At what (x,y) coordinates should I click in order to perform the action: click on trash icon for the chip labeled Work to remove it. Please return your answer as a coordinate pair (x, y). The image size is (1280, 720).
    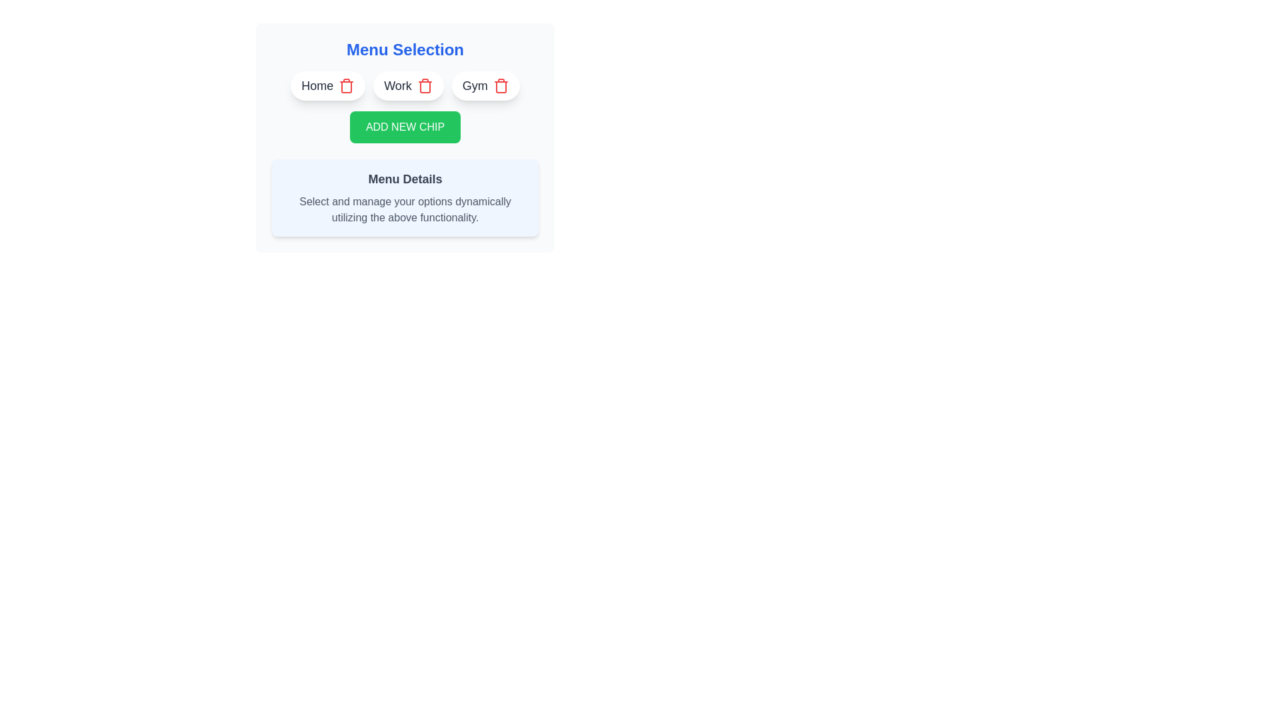
    Looking at the image, I should click on (424, 85).